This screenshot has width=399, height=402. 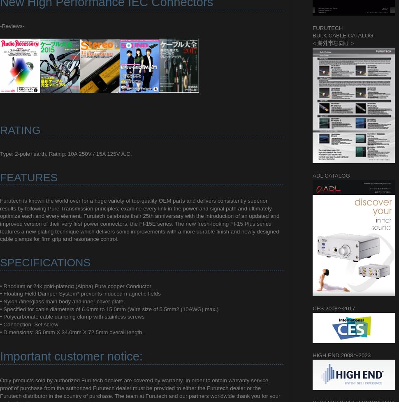 What do you see at coordinates (0, 129) in the screenshot?
I see `'RATING'` at bounding box center [0, 129].